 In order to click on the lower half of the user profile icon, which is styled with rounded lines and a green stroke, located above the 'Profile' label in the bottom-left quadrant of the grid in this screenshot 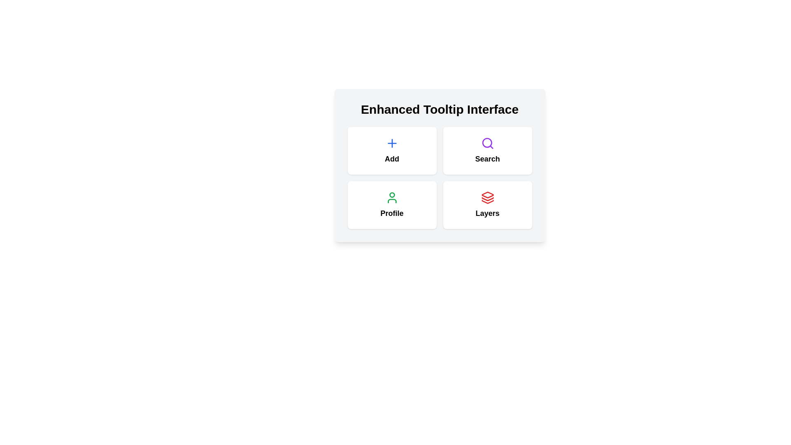, I will do `click(391, 201)`.